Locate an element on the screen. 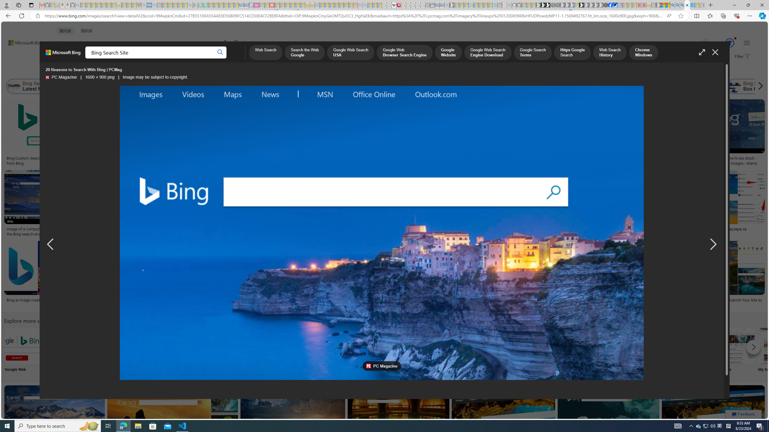 This screenshot has height=432, width=769. 'Back to Bing search' is located at coordinates (22, 41).